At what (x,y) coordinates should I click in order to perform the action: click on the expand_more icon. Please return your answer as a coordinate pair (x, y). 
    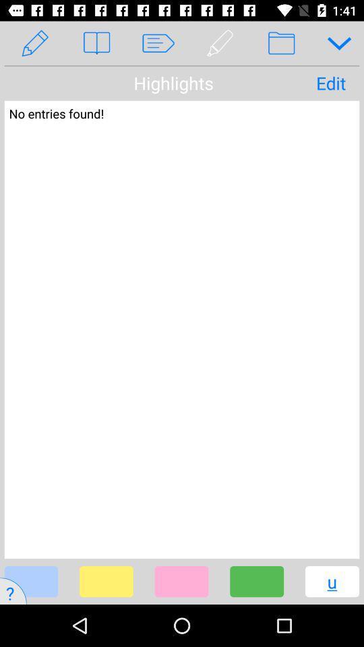
    Looking at the image, I should click on (334, 43).